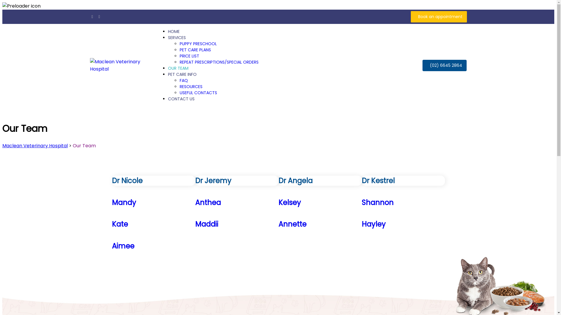  What do you see at coordinates (444, 65) in the screenshot?
I see `'(02) 6645 2864'` at bounding box center [444, 65].